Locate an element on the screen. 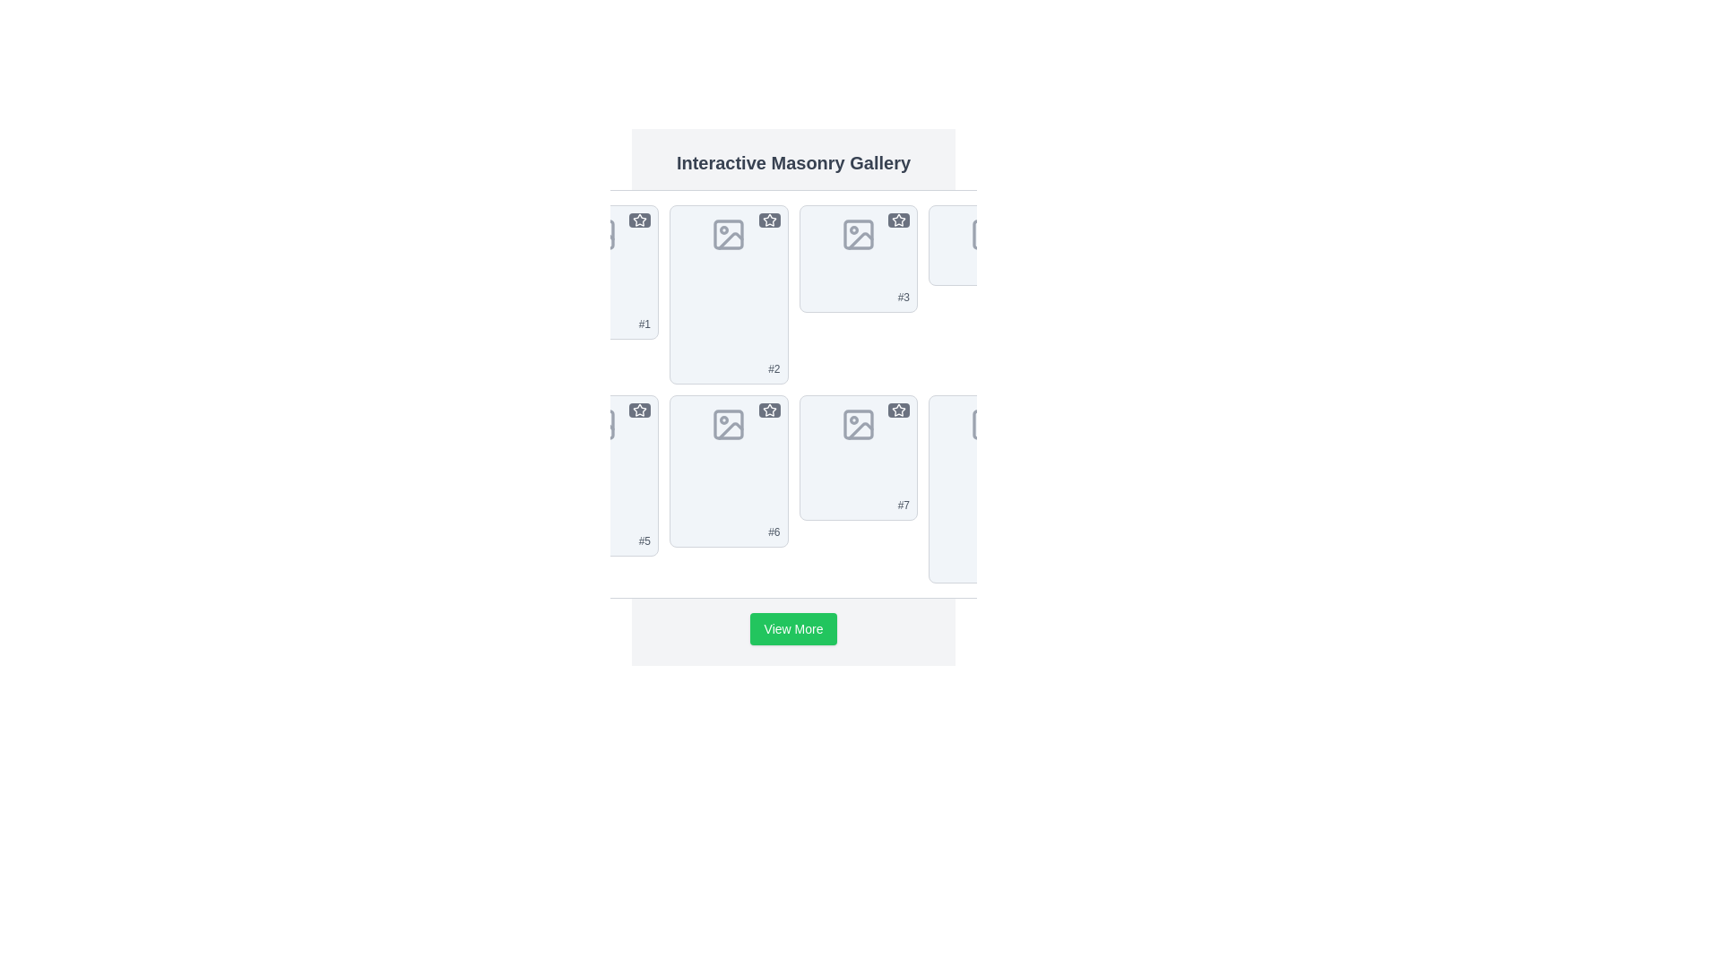 This screenshot has height=968, width=1721. the card labeled '#1' in the top-left corner of the masonry gallery is located at coordinates (599, 272).